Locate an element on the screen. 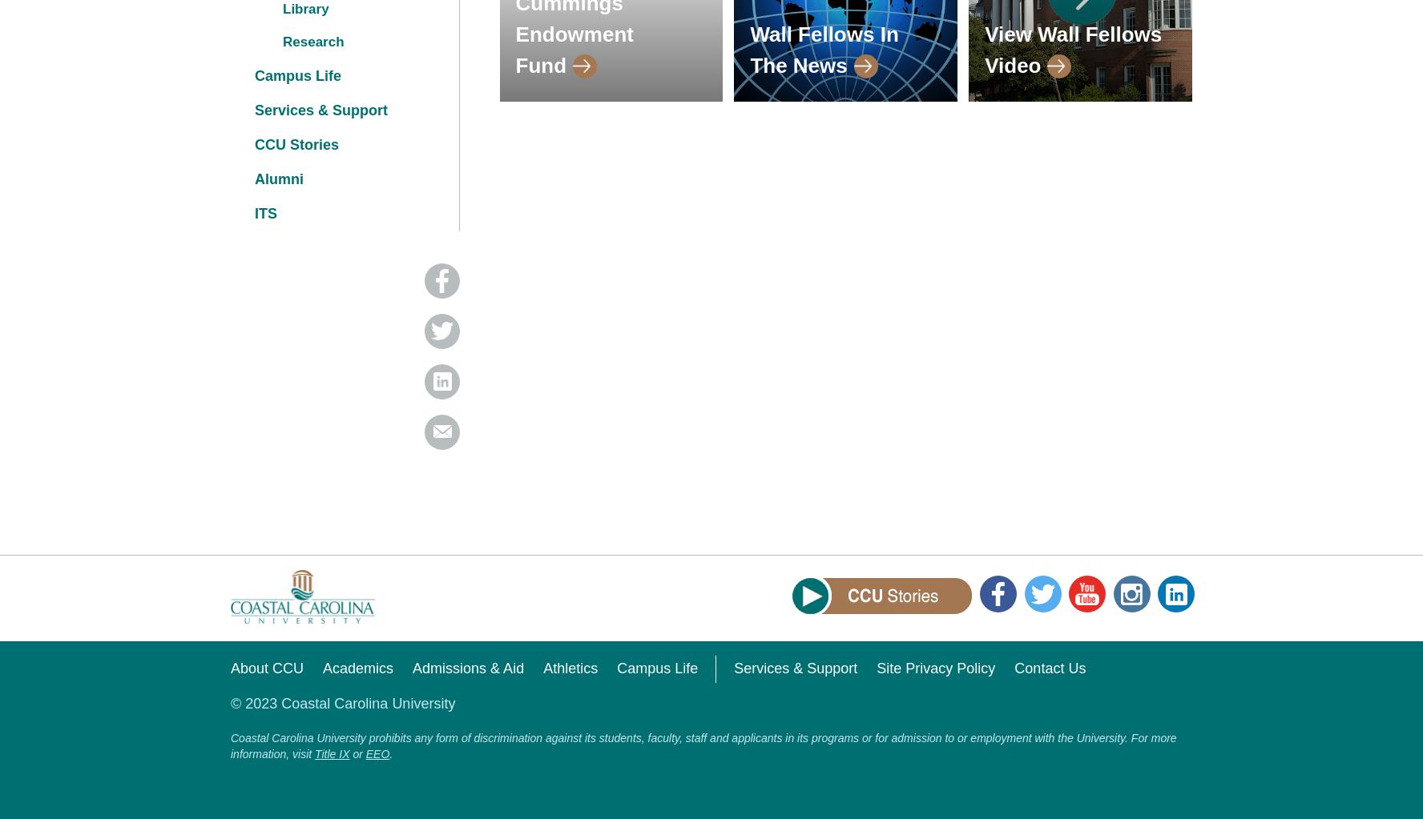 The image size is (1423, 819). 'View Wall Fellows' is located at coordinates (1072, 33).